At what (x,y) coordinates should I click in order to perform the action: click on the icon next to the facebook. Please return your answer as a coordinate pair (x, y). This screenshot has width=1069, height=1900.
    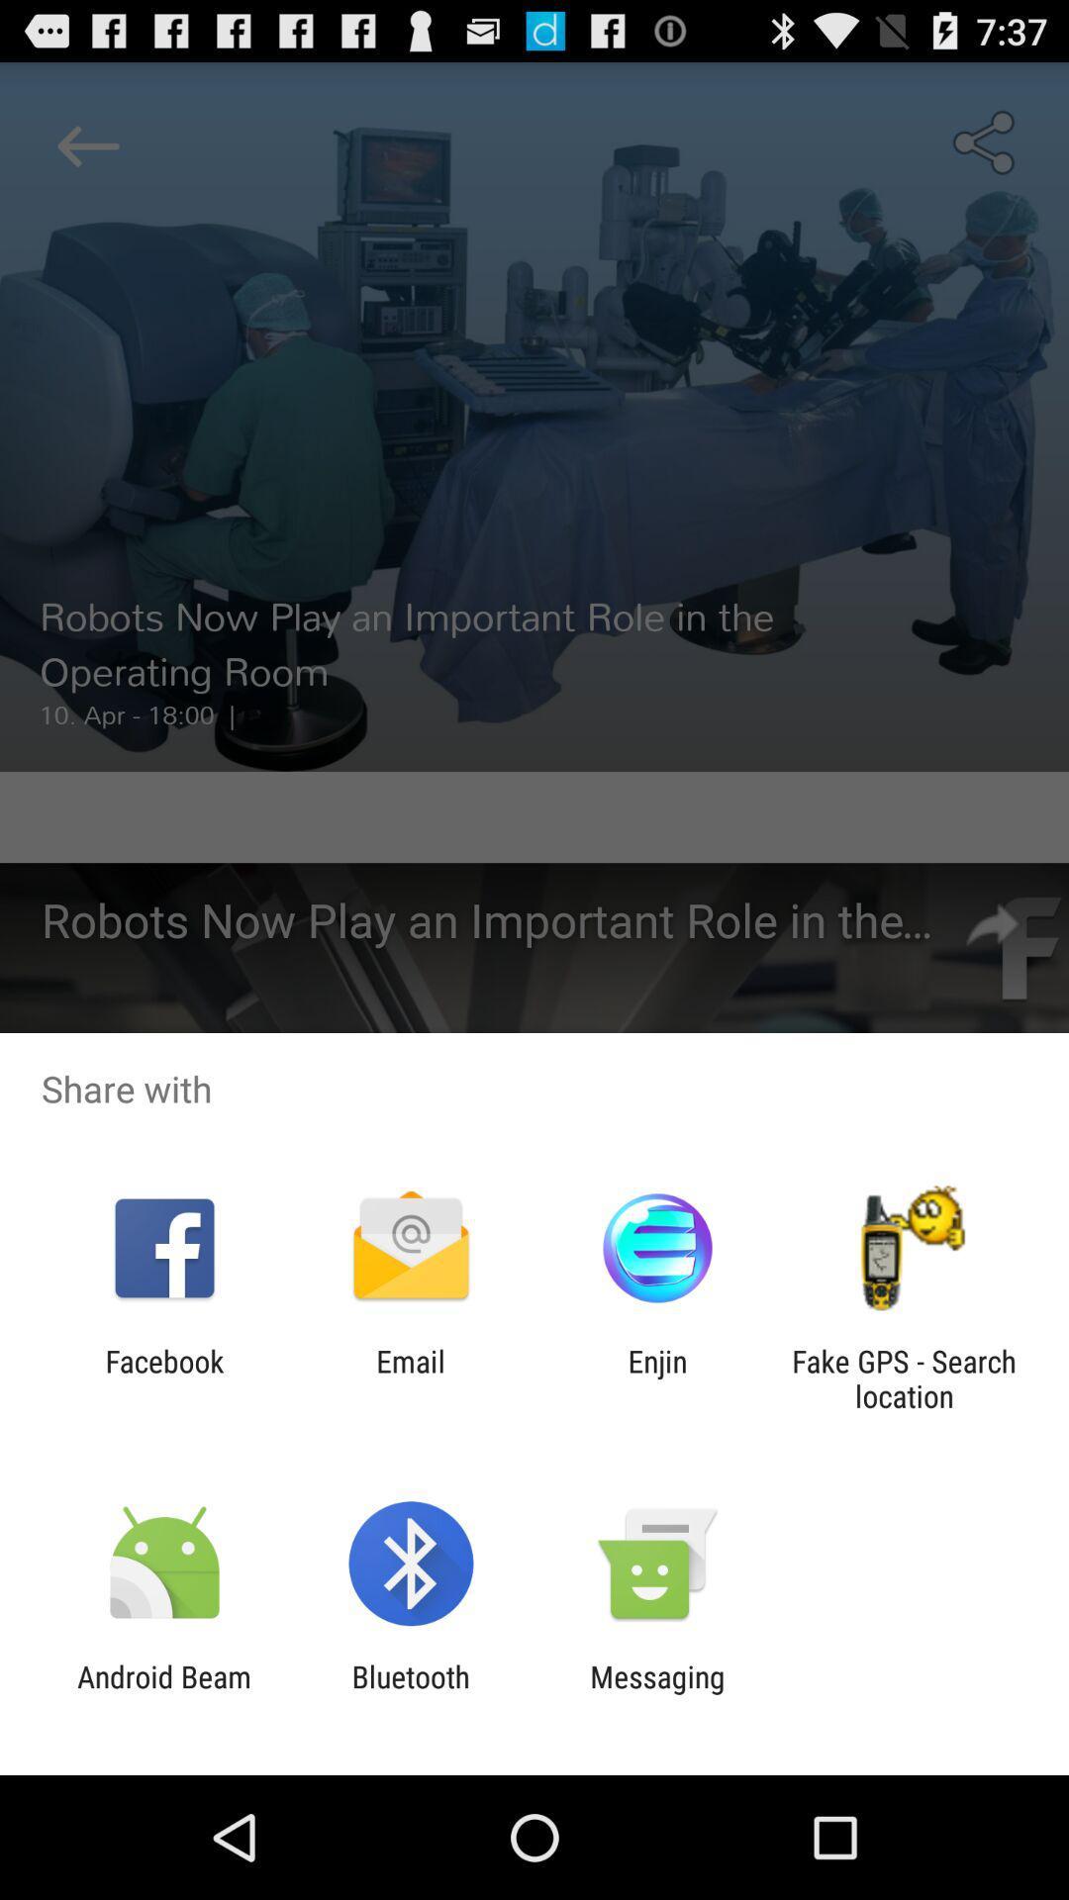
    Looking at the image, I should click on (410, 1377).